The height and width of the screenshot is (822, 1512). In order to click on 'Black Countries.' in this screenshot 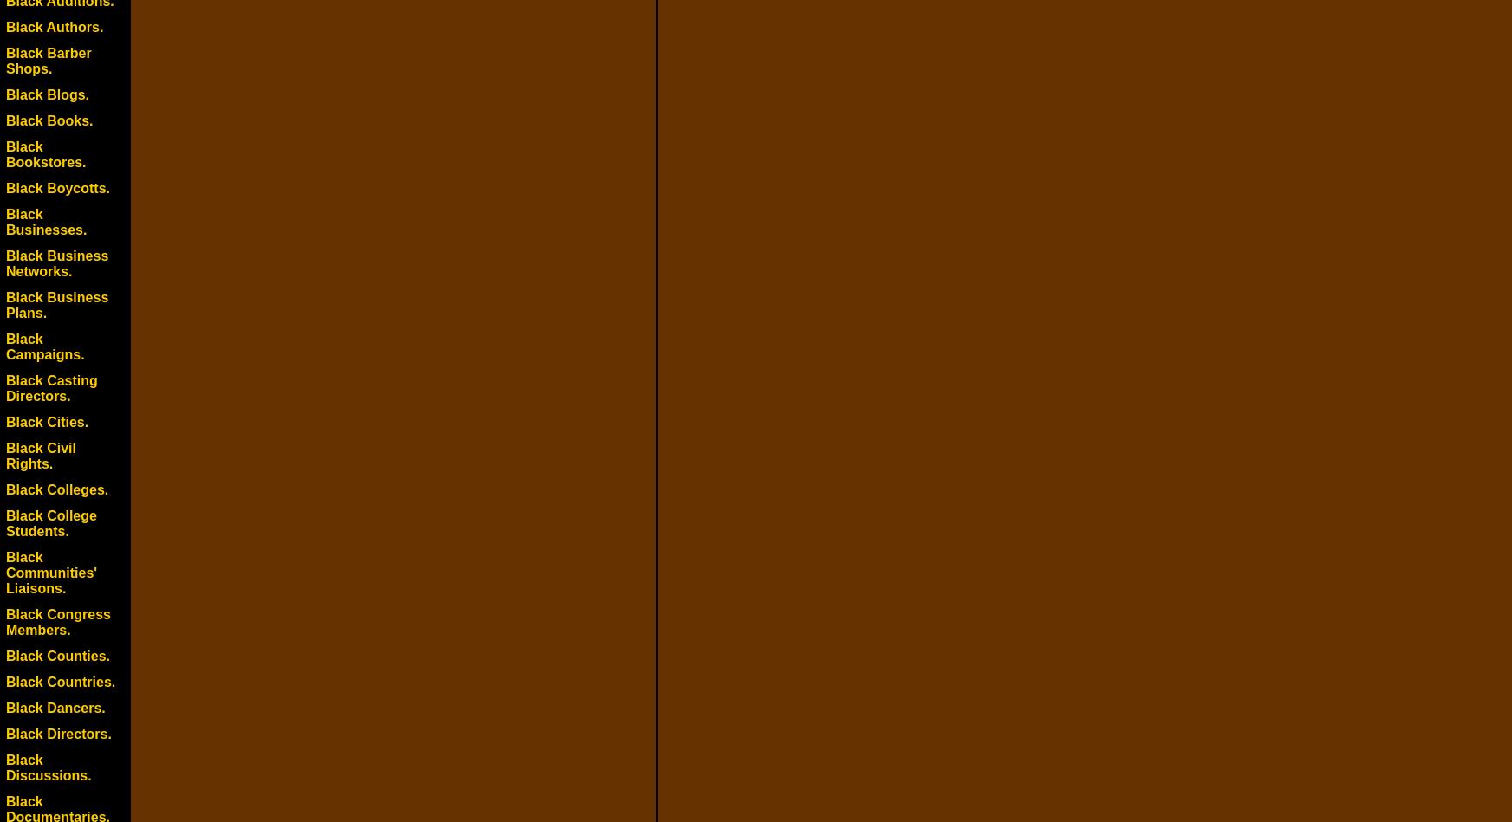, I will do `click(59, 682)`.